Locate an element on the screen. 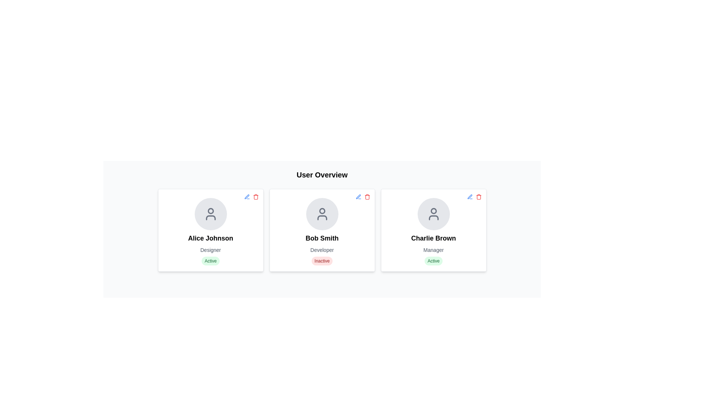  the edit button for Bob Smith's profile located in the top-right corner of the second card is located at coordinates (358, 196).